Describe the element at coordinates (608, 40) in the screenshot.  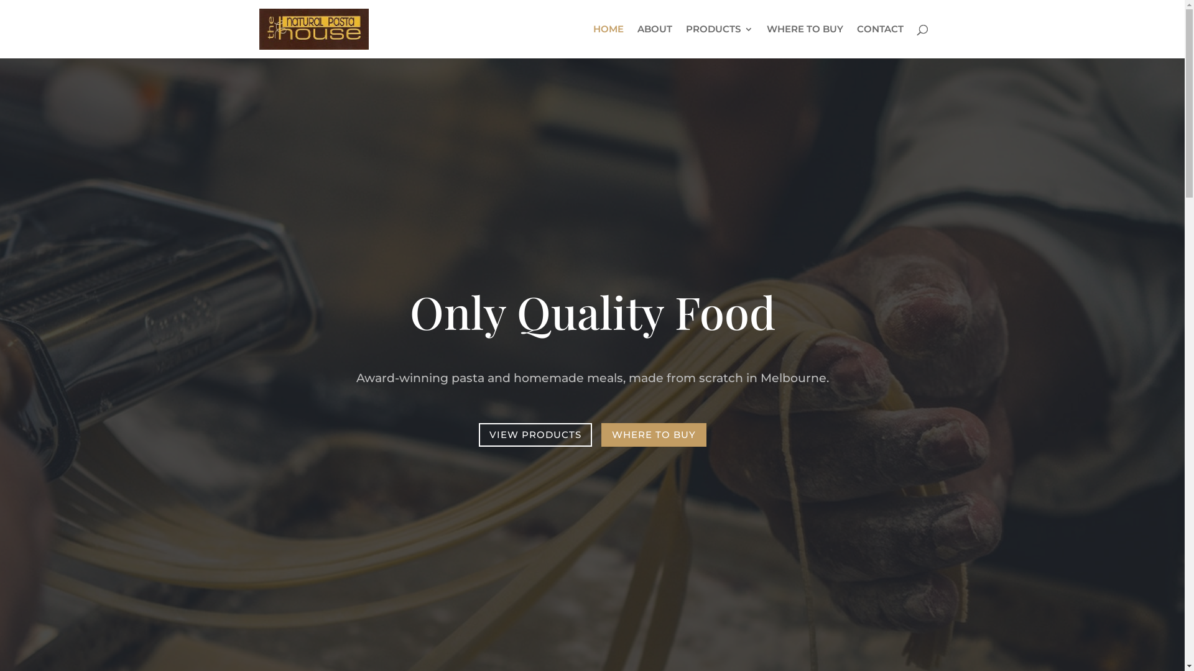
I see `'HOME'` at that location.